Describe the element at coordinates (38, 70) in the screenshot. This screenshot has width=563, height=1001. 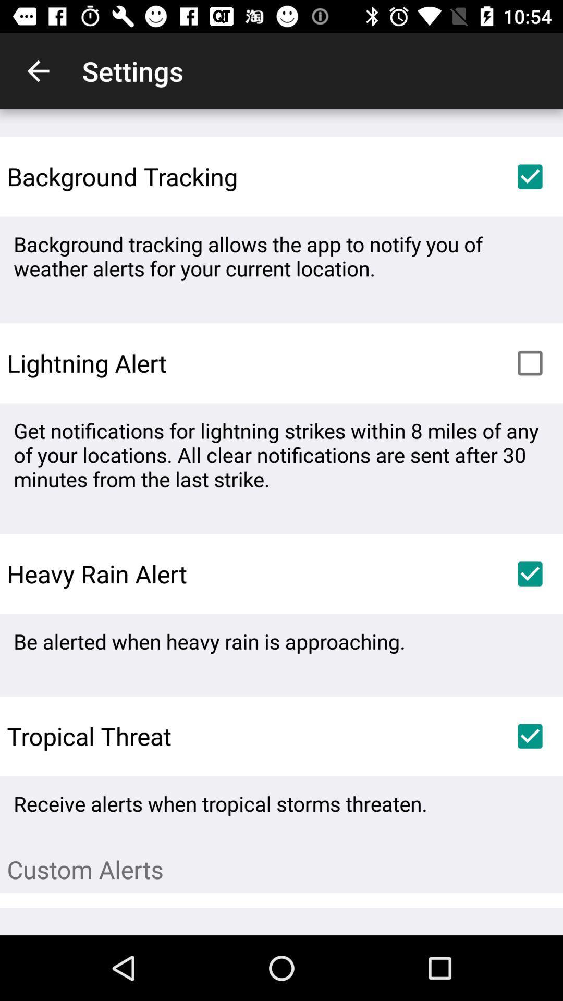
I see `icon next to settings item` at that location.